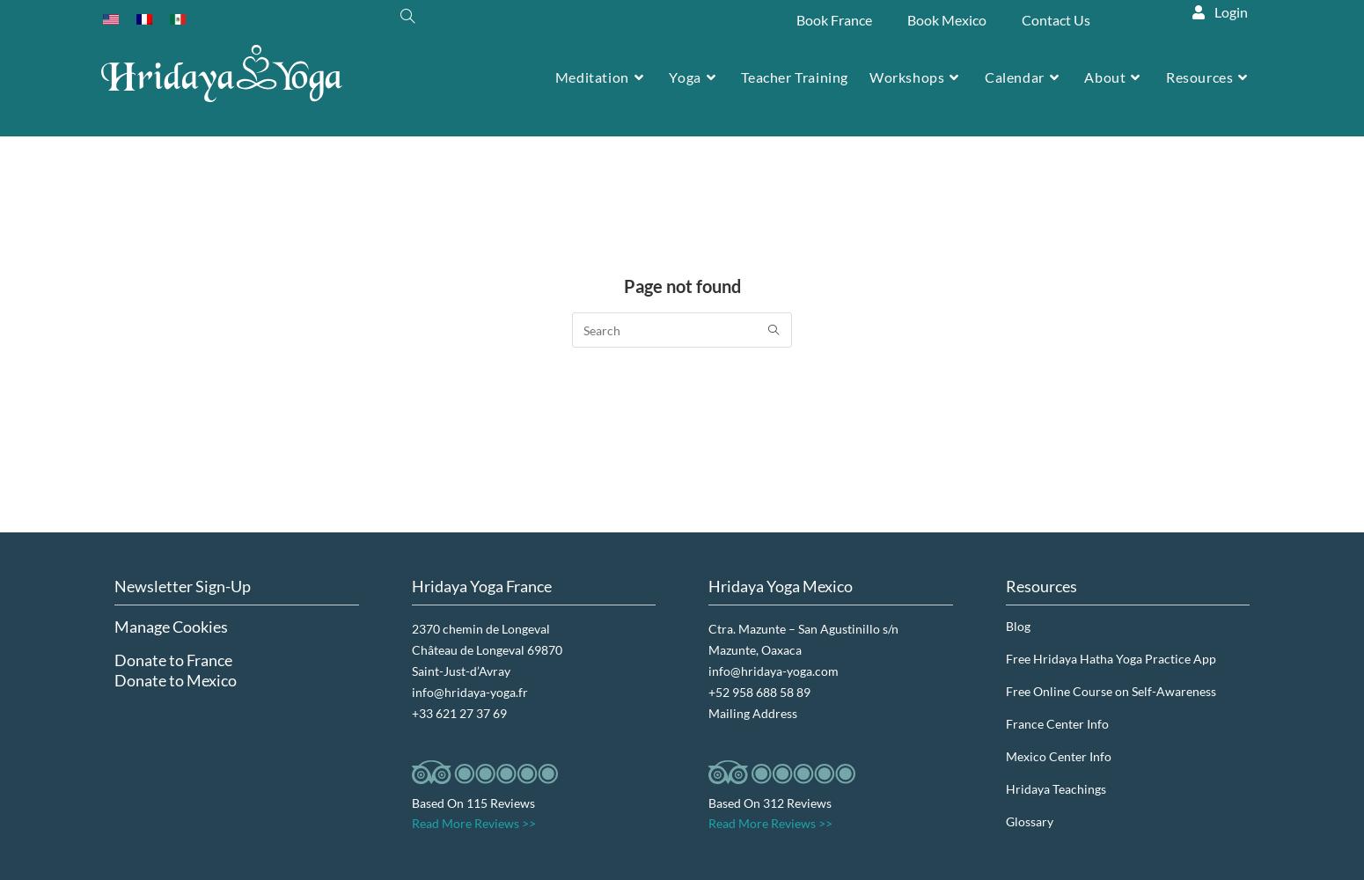  I want to click on 'France Center Info', so click(1056, 722).